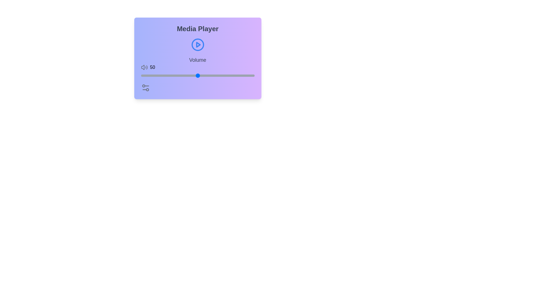 The height and width of the screenshot is (306, 545). I want to click on the play icon, which is a triangle pointing to the right inside a blue circular boundary, located at the center of the media player's interface to play the media, so click(198, 44).